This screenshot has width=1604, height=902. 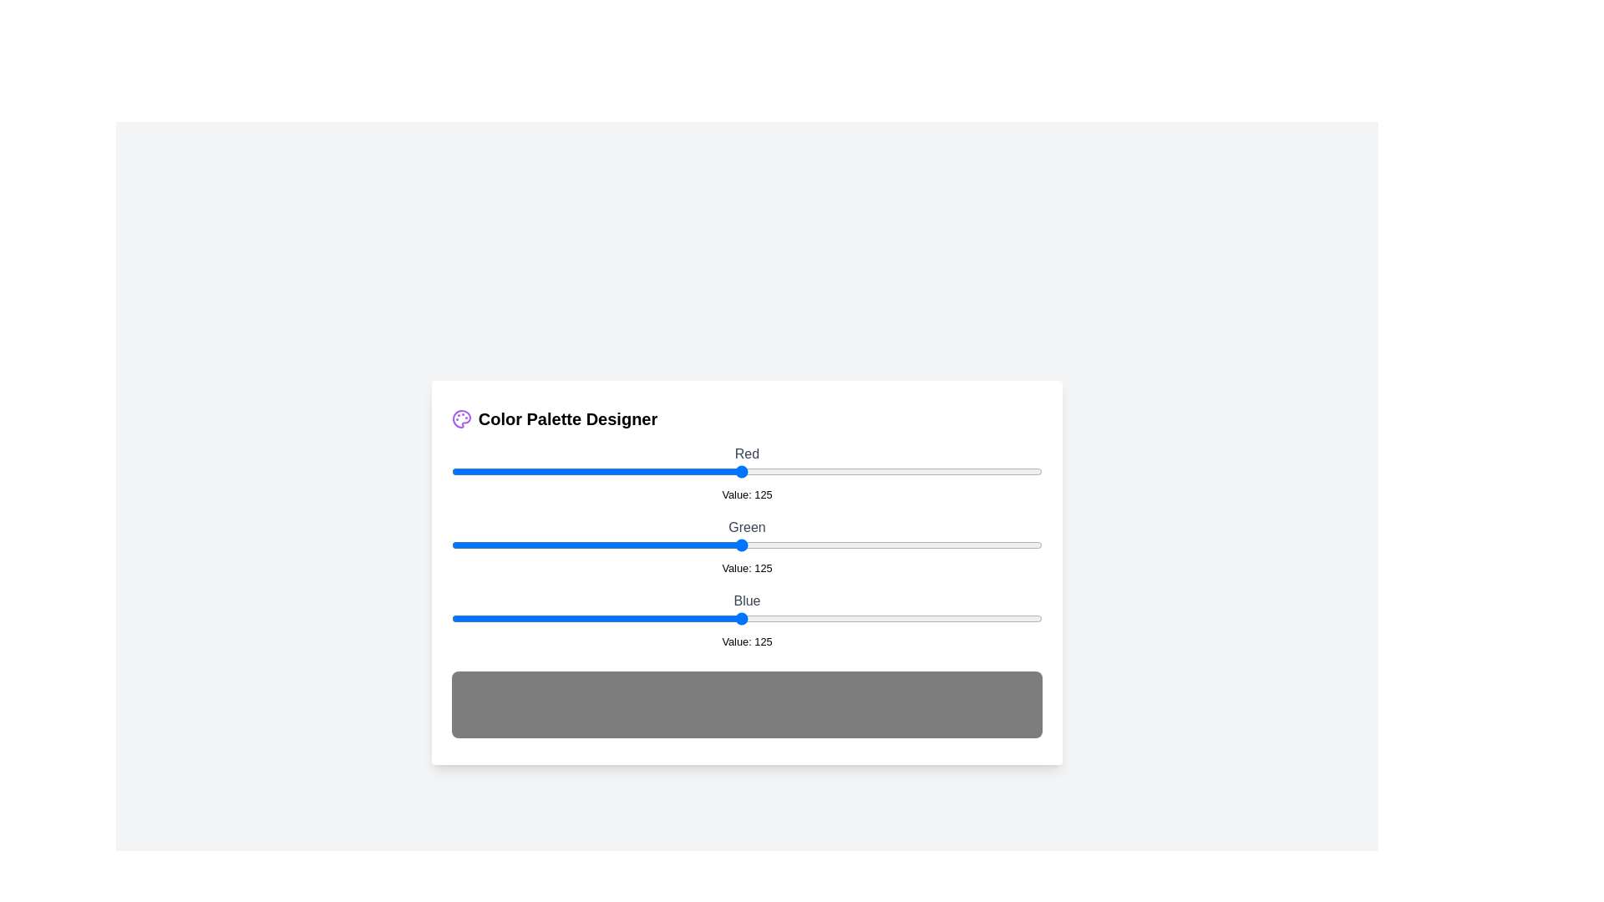 I want to click on the 0 slider to 135, so click(x=764, y=471).